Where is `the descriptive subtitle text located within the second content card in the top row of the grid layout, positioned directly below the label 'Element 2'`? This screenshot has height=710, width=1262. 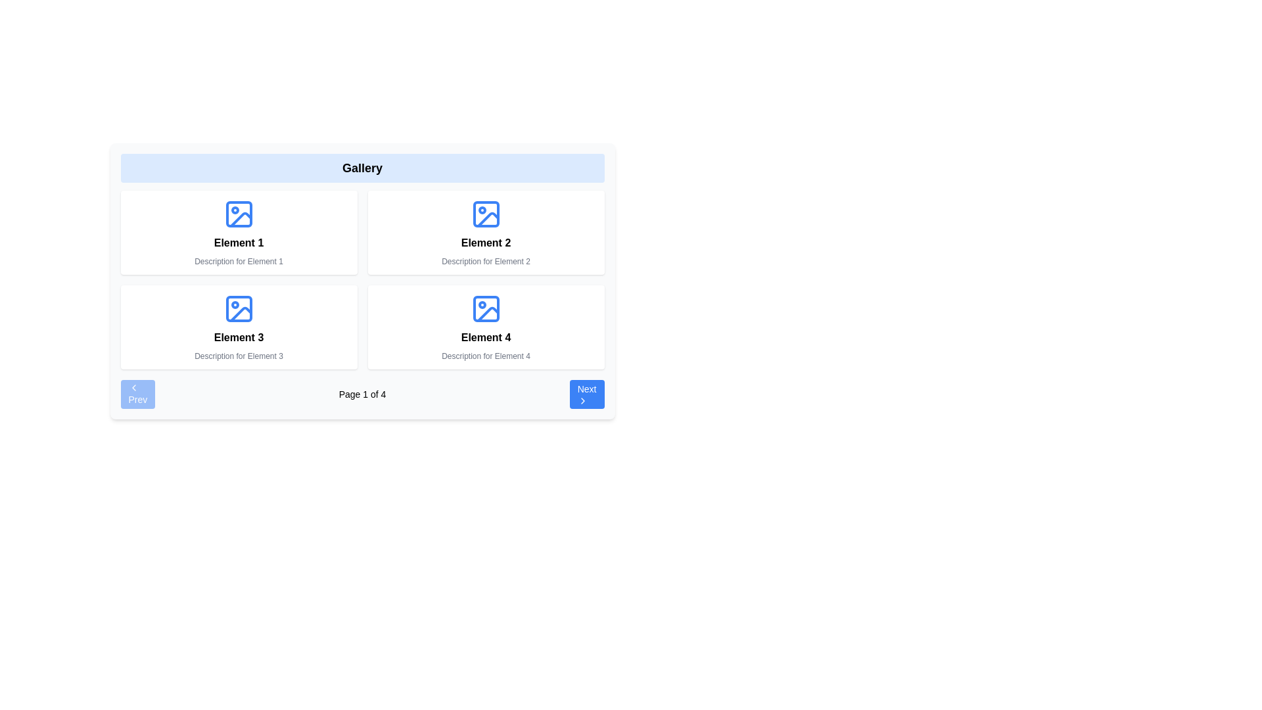
the descriptive subtitle text located within the second content card in the top row of the grid layout, positioned directly below the label 'Element 2' is located at coordinates (485, 261).